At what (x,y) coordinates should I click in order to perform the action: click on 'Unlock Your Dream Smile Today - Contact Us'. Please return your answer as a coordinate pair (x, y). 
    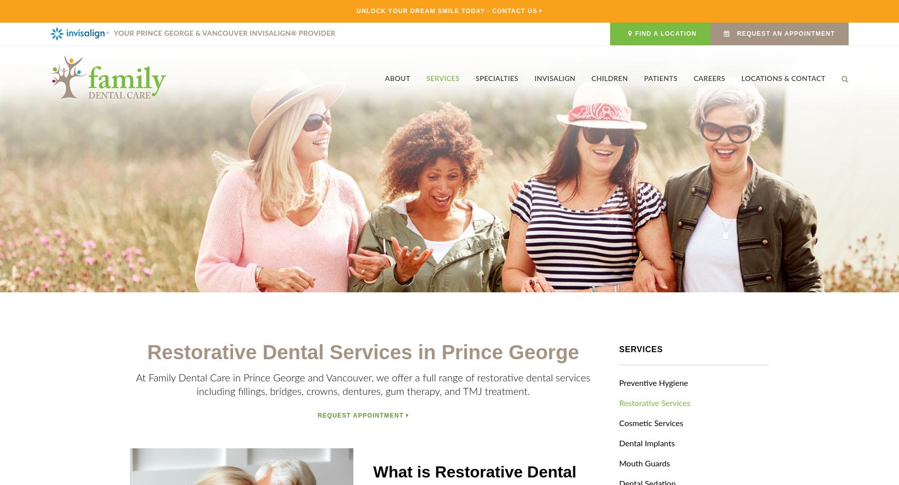
    Looking at the image, I should click on (446, 10).